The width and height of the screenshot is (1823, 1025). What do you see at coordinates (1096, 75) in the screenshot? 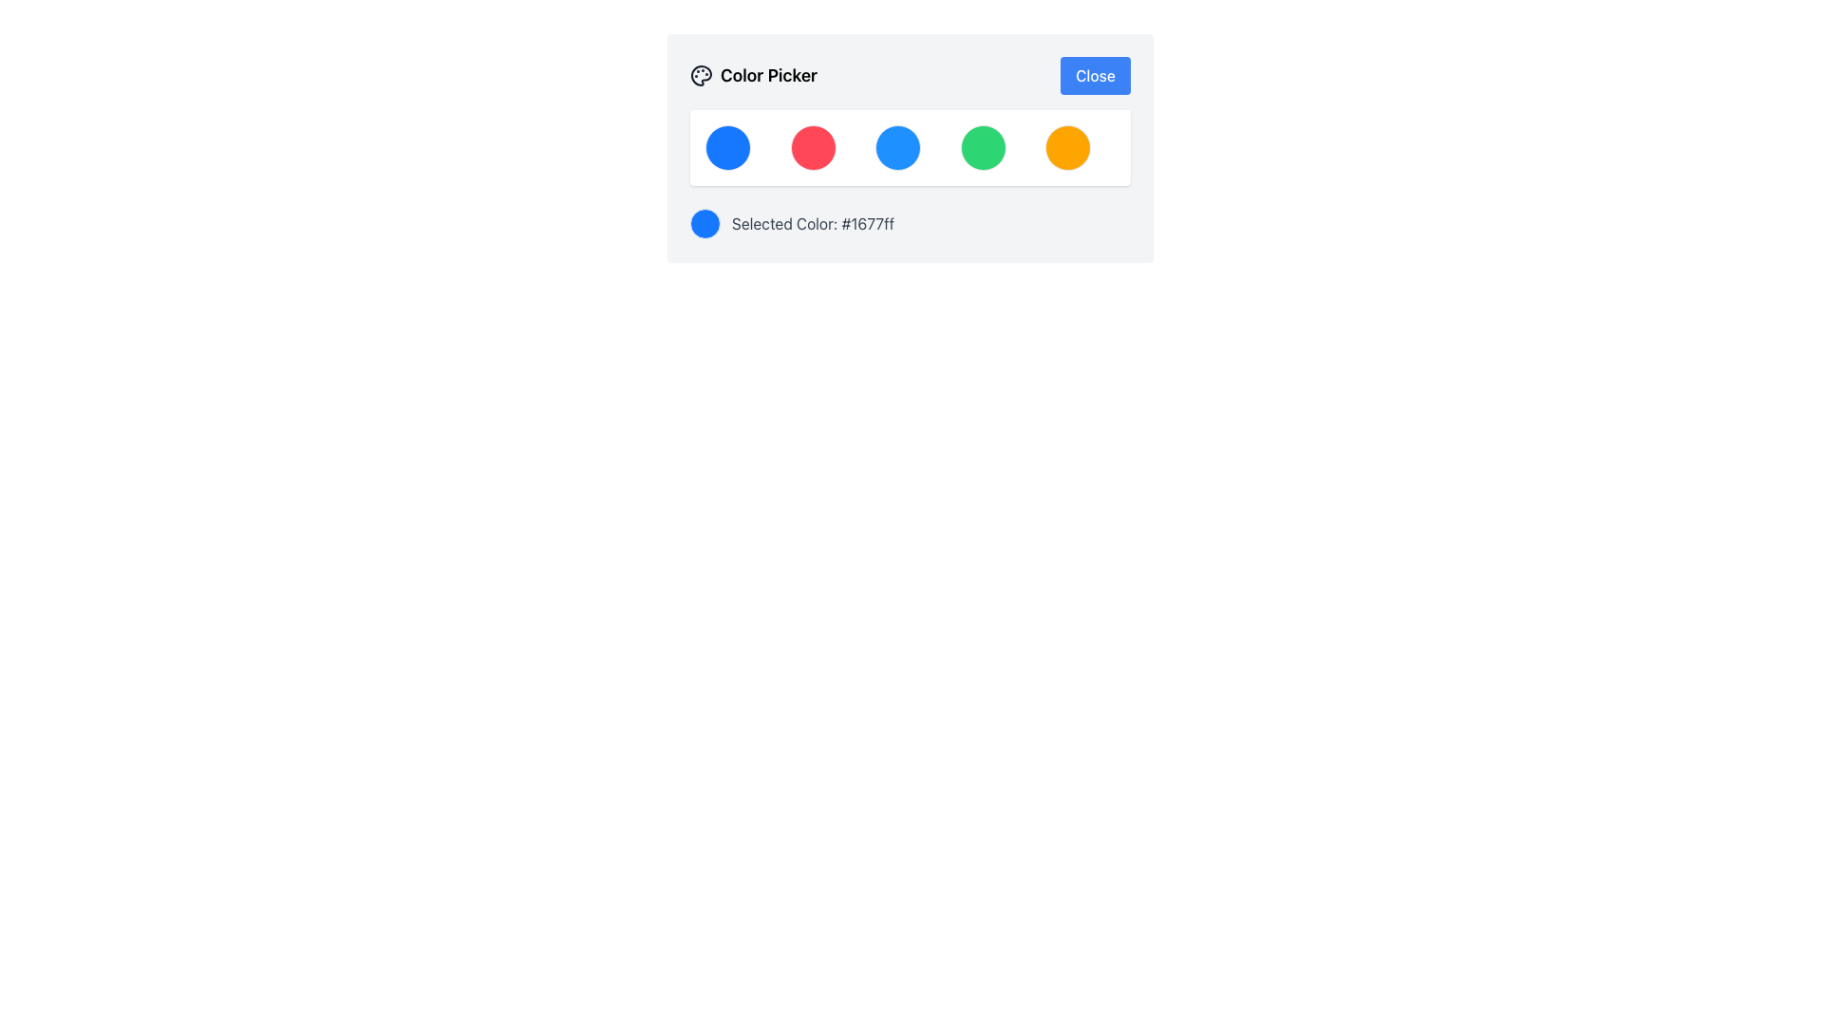
I see `the close button located in the top-right corner of the 'Color Picker' modal` at bounding box center [1096, 75].